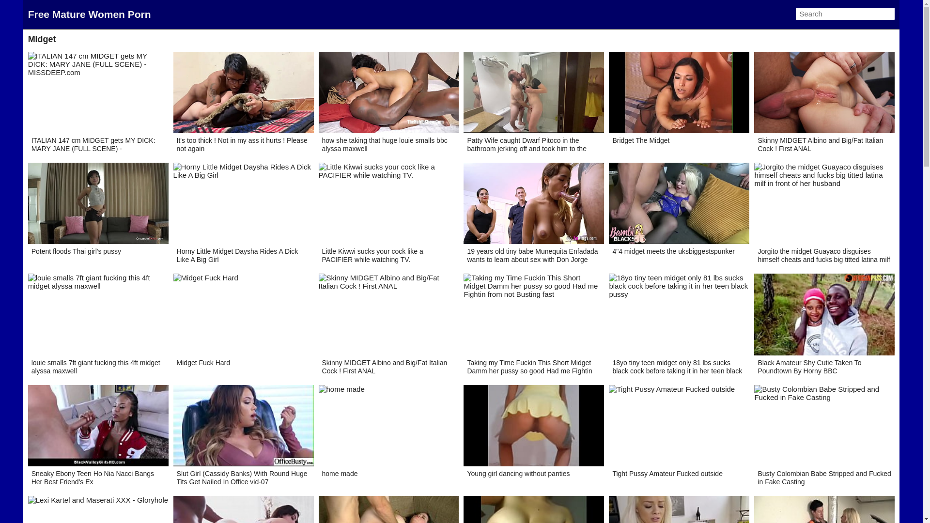 The width and height of the screenshot is (930, 523). What do you see at coordinates (90, 14) in the screenshot?
I see `'Free Mature Women Porn'` at bounding box center [90, 14].